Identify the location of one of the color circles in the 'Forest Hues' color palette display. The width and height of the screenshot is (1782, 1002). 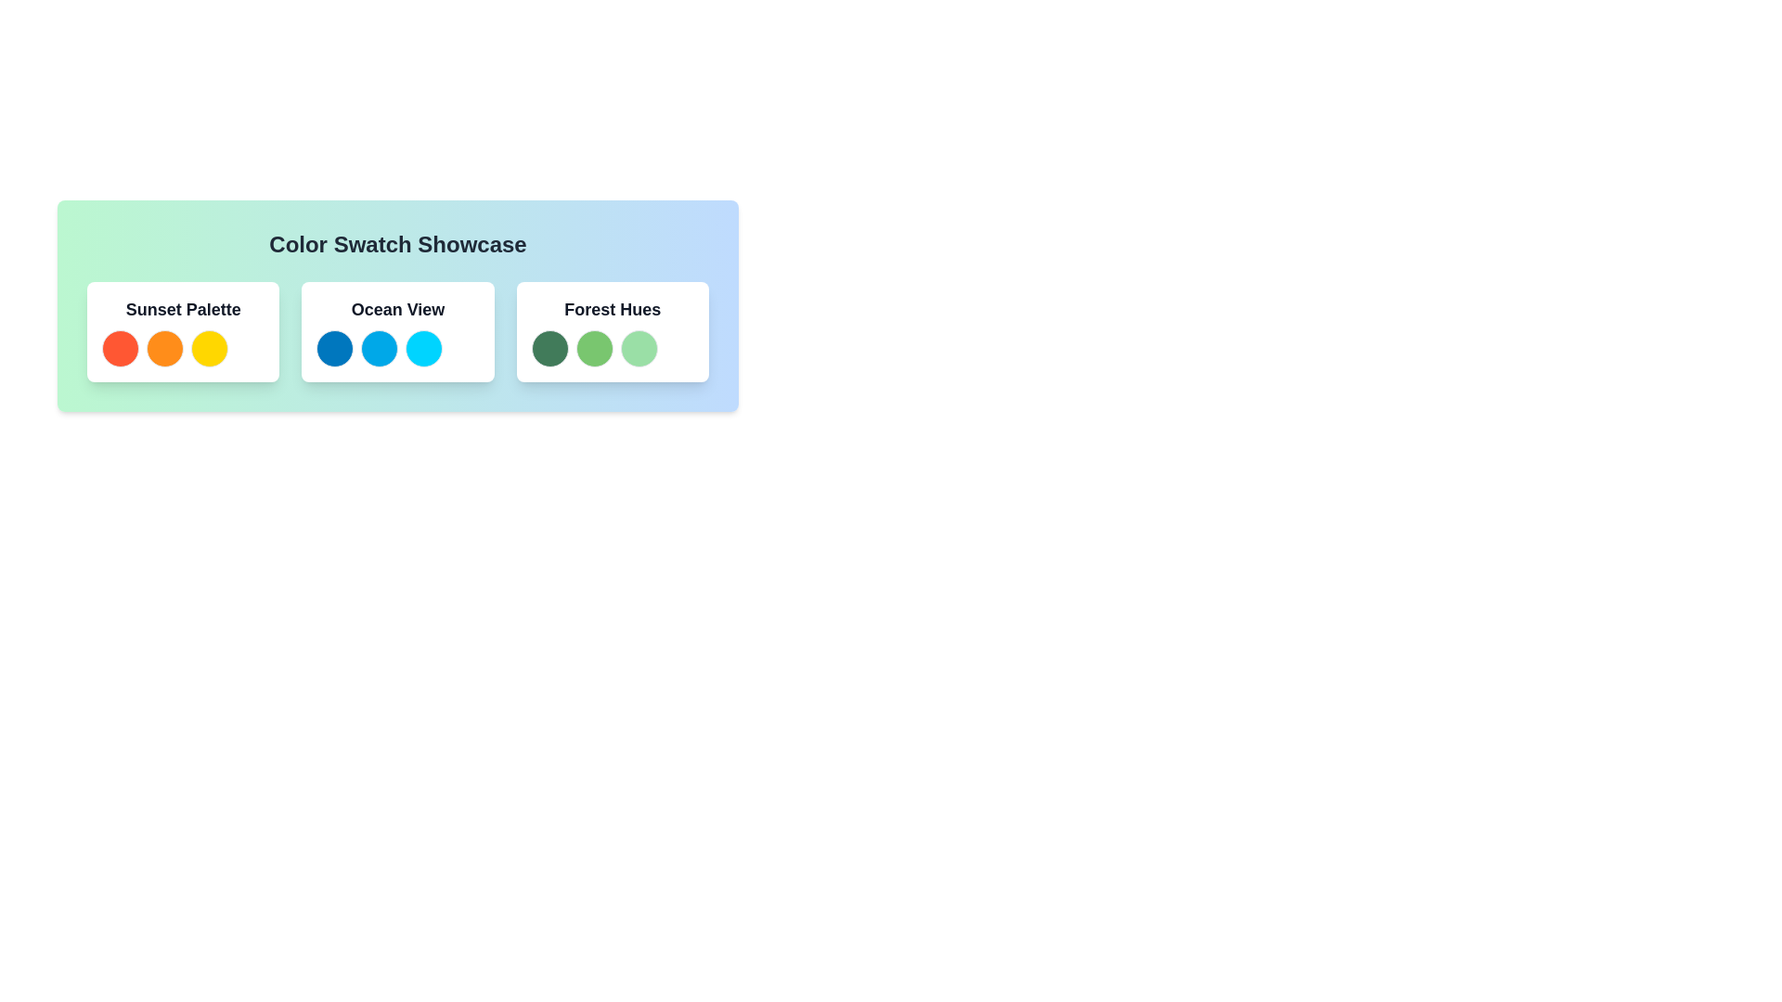
(613, 348).